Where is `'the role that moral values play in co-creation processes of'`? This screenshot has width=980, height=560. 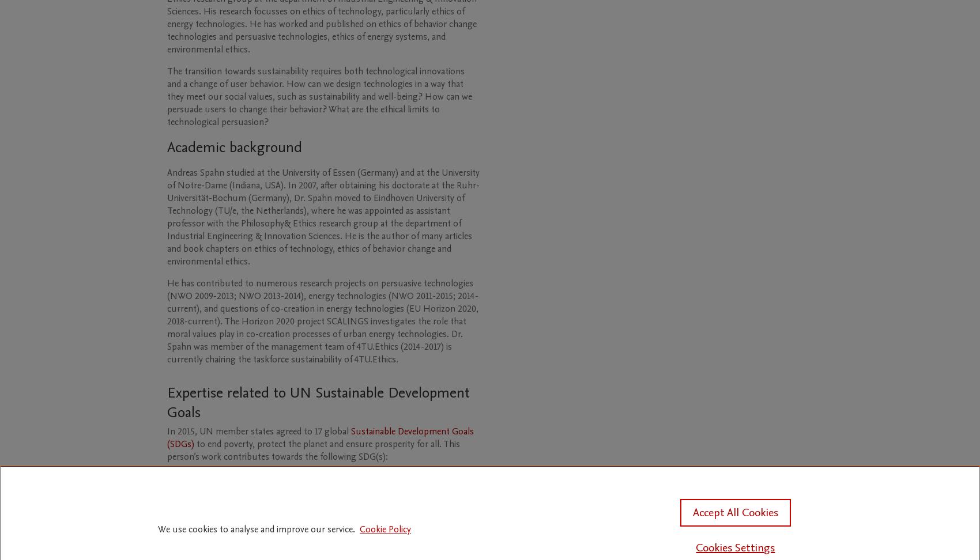
'the role that moral values play in co-creation processes of' is located at coordinates (316, 327).